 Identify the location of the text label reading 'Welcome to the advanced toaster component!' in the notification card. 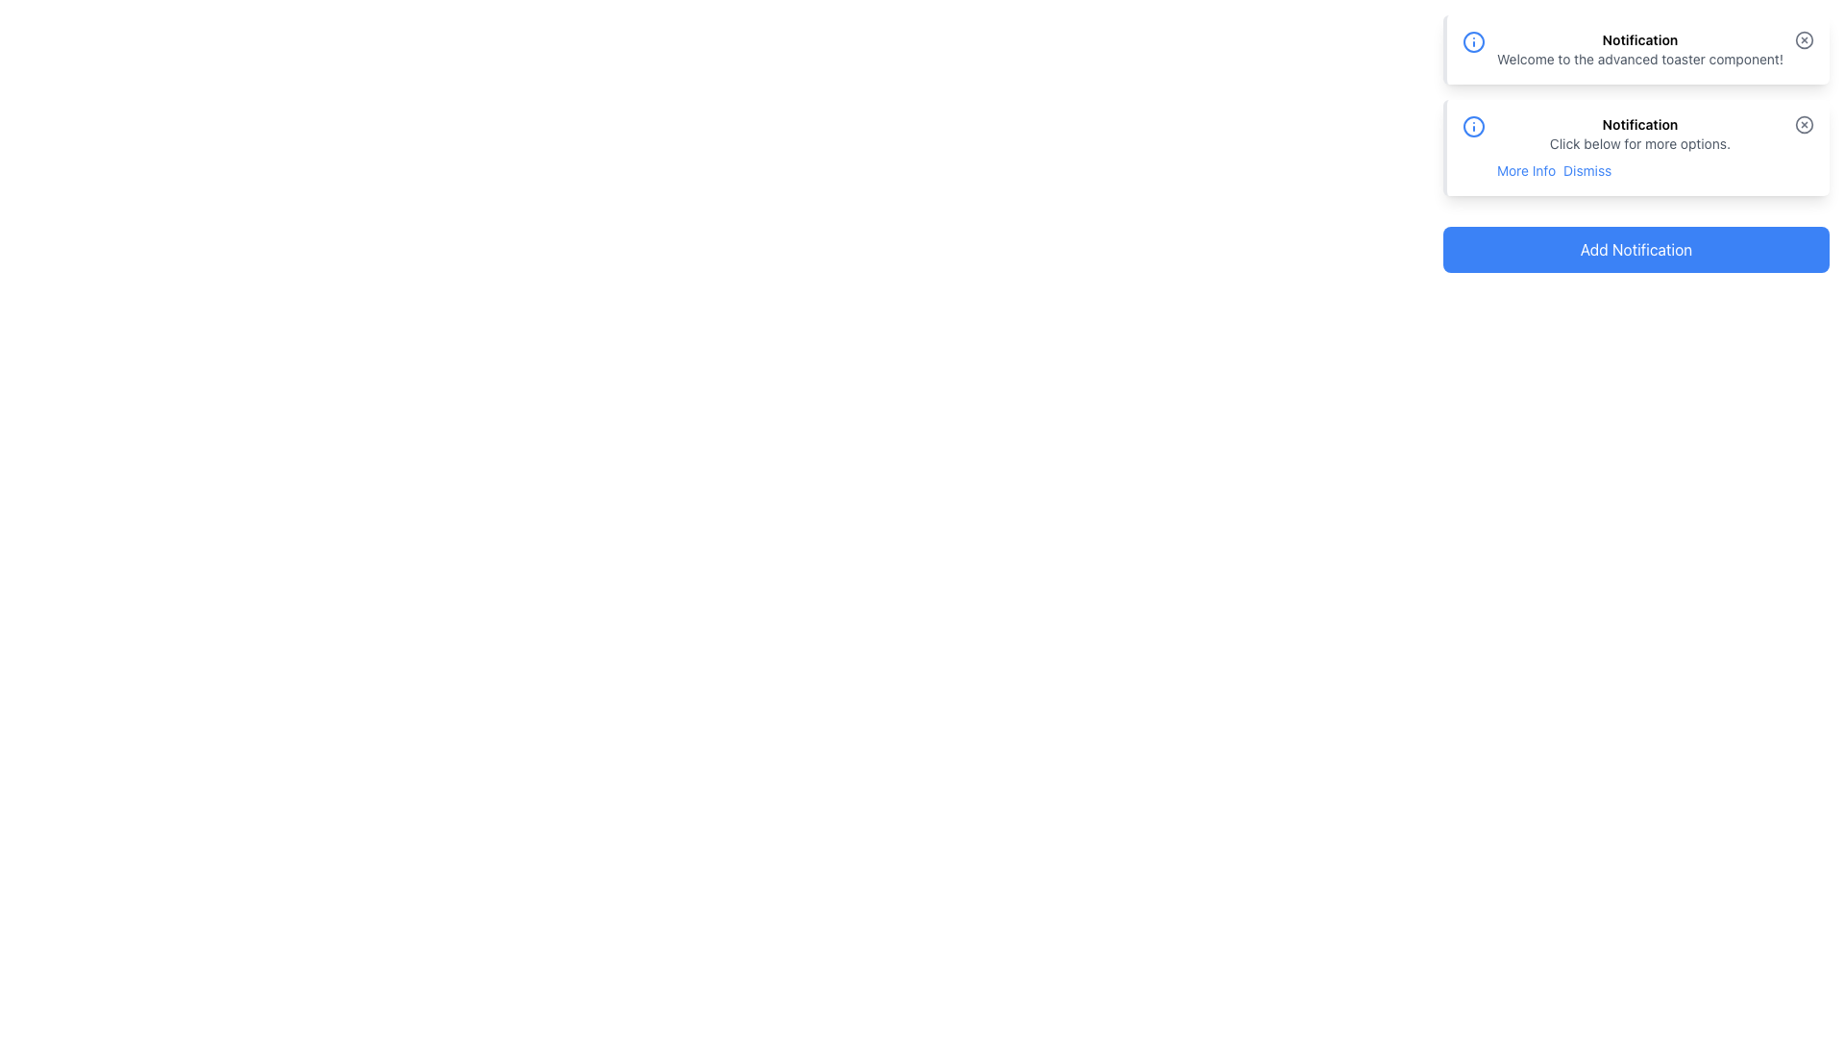
(1639, 58).